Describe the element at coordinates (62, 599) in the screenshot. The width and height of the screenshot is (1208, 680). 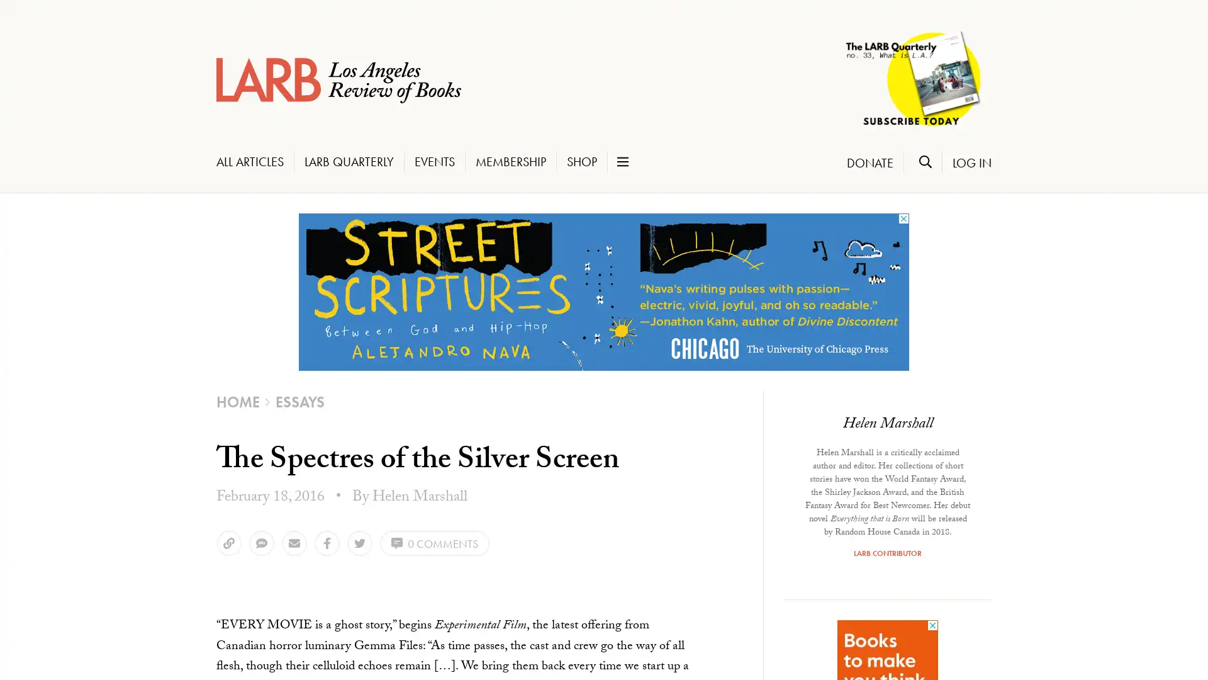
I see `Sign Up` at that location.